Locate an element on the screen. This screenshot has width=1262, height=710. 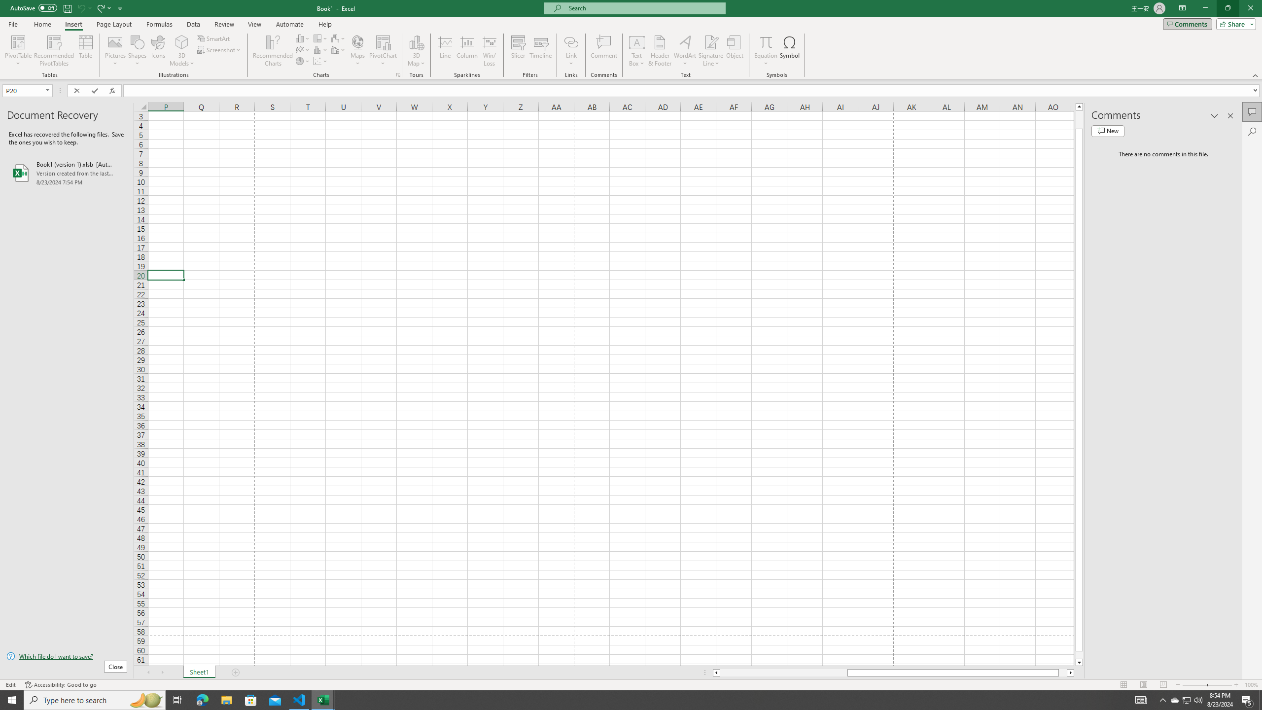
'Insert Scatter (X, Y) or Bubble Chart' is located at coordinates (320, 60).